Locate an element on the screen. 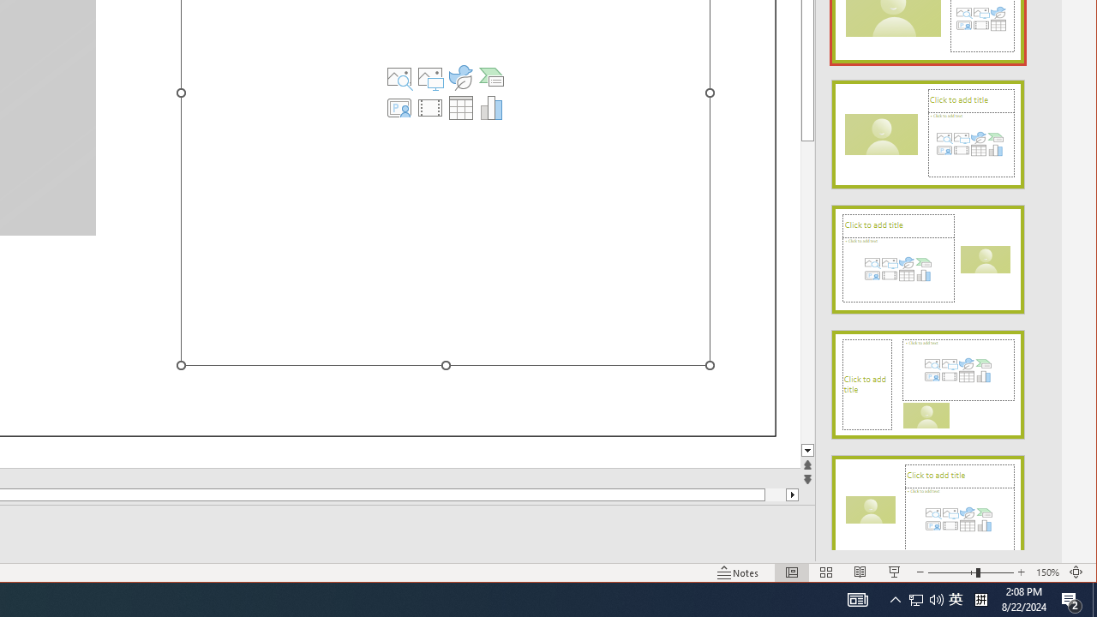 The width and height of the screenshot is (1097, 617). 'Insert Video' is located at coordinates (430, 107).